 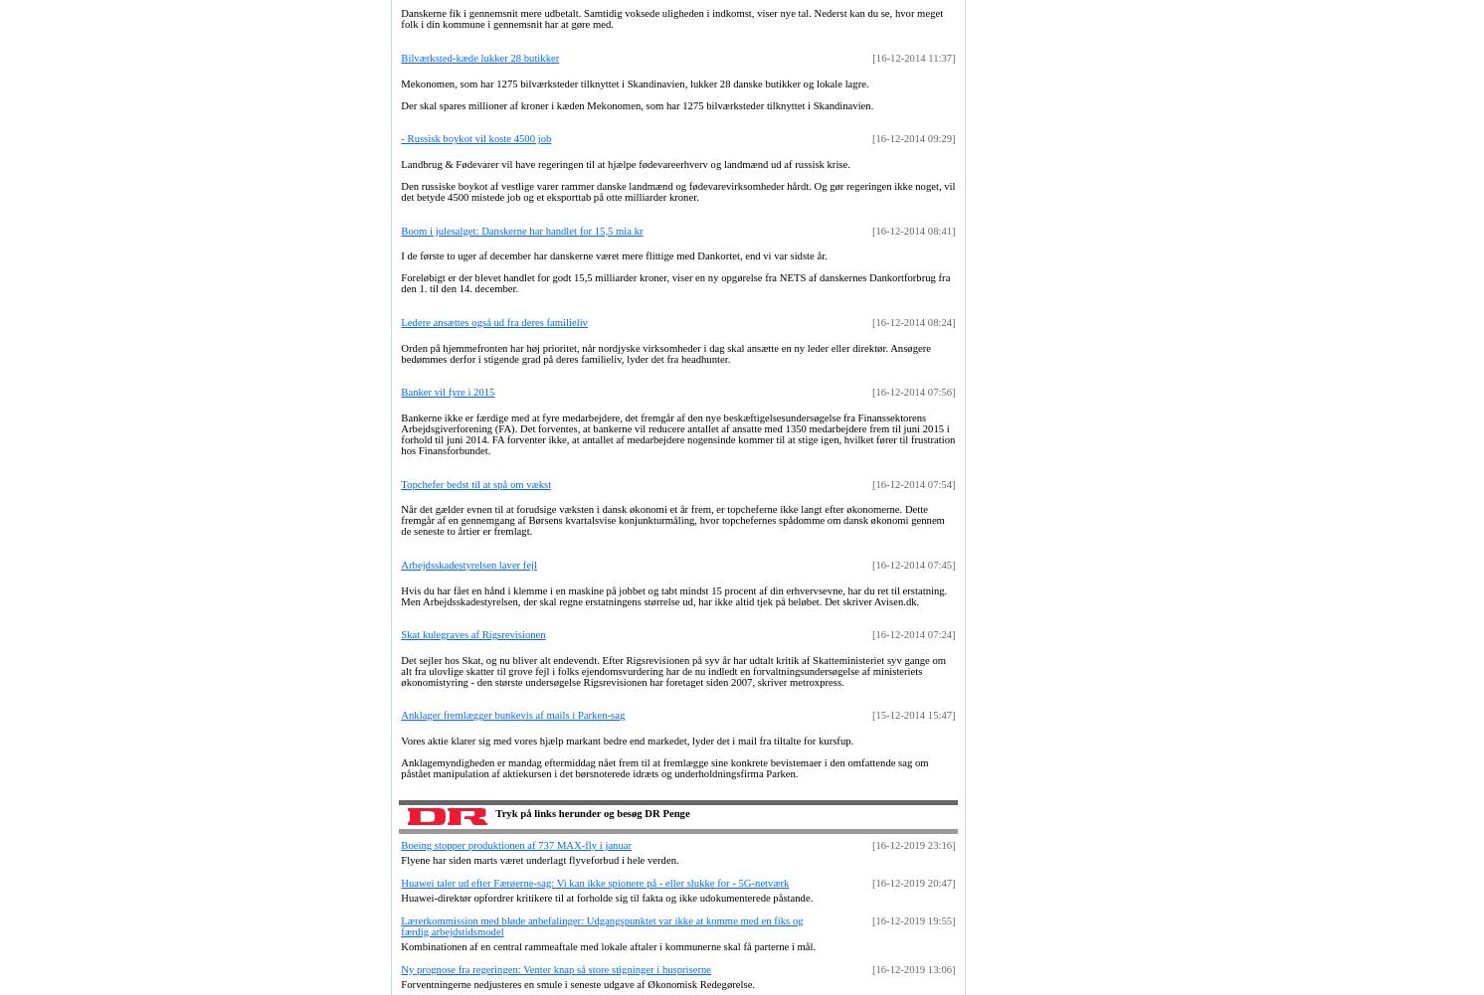 I want to click on '[16-12-2019 23:16]', so click(x=913, y=843).